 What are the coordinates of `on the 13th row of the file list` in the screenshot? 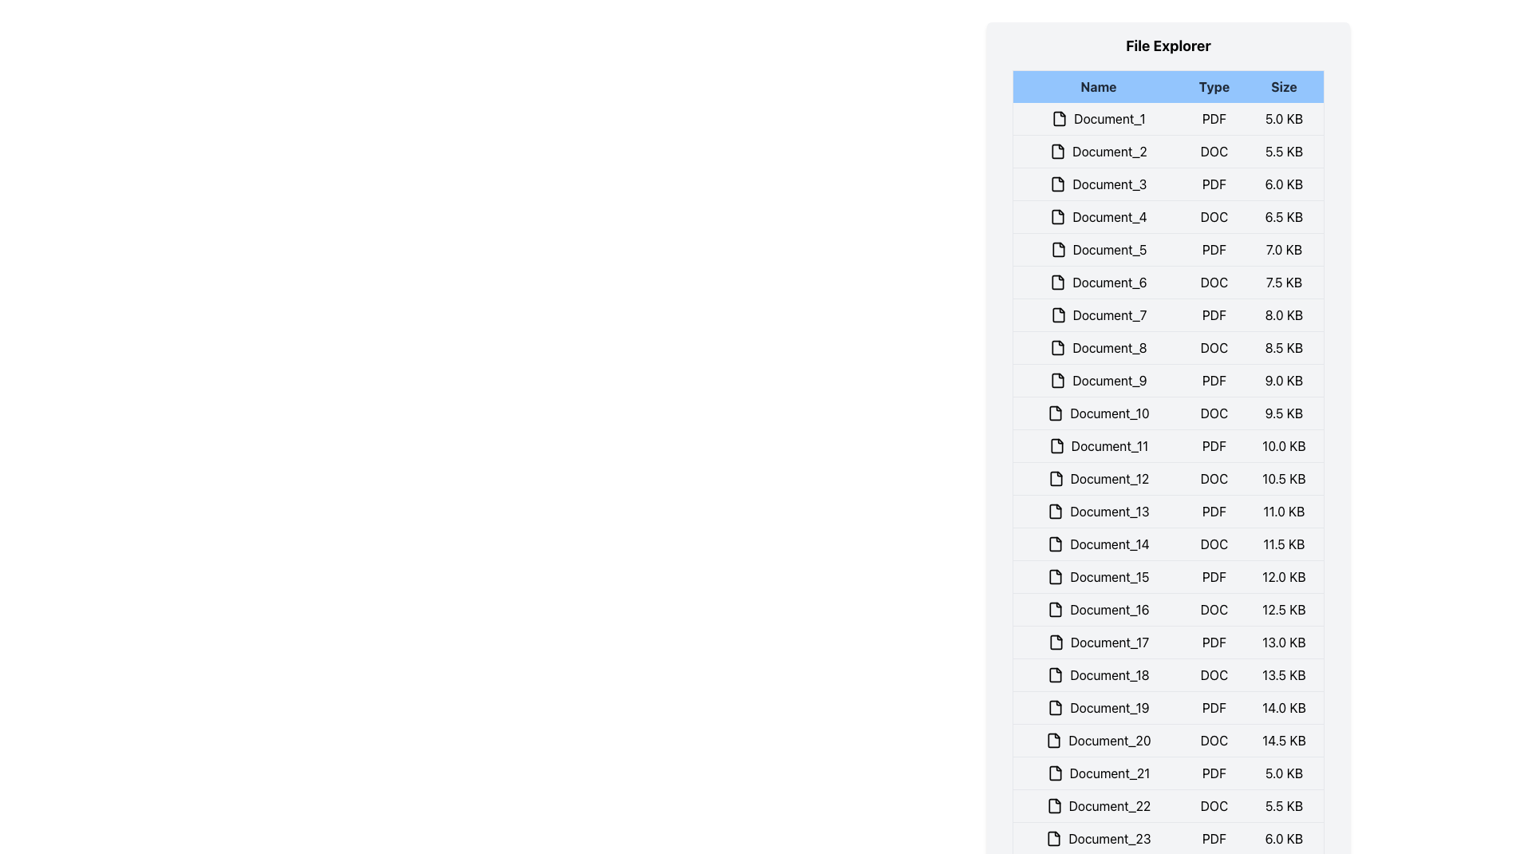 It's located at (1168, 511).